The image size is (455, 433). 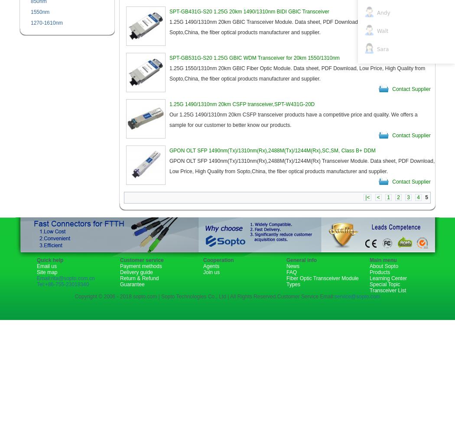 What do you see at coordinates (382, 48) in the screenshot?
I see `'Sara'` at bounding box center [382, 48].